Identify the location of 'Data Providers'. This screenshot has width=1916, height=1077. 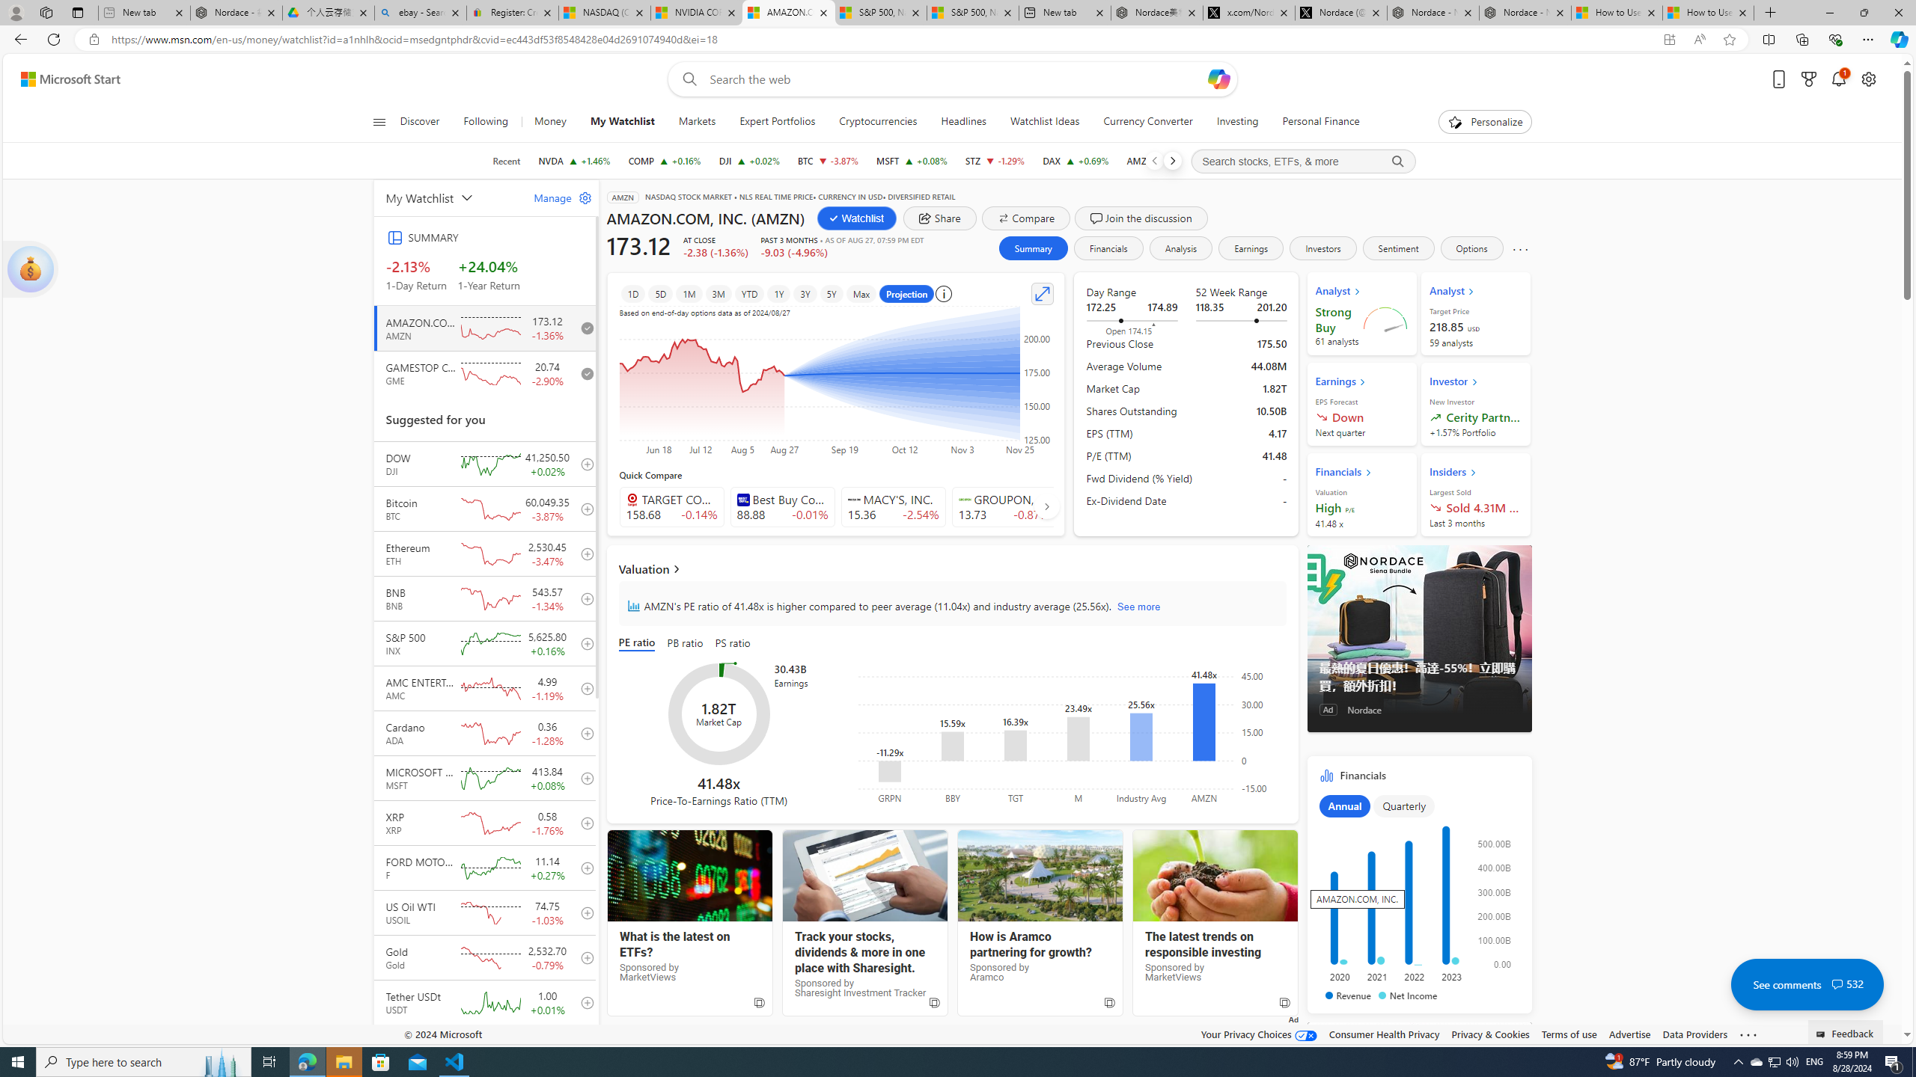
(1695, 1034).